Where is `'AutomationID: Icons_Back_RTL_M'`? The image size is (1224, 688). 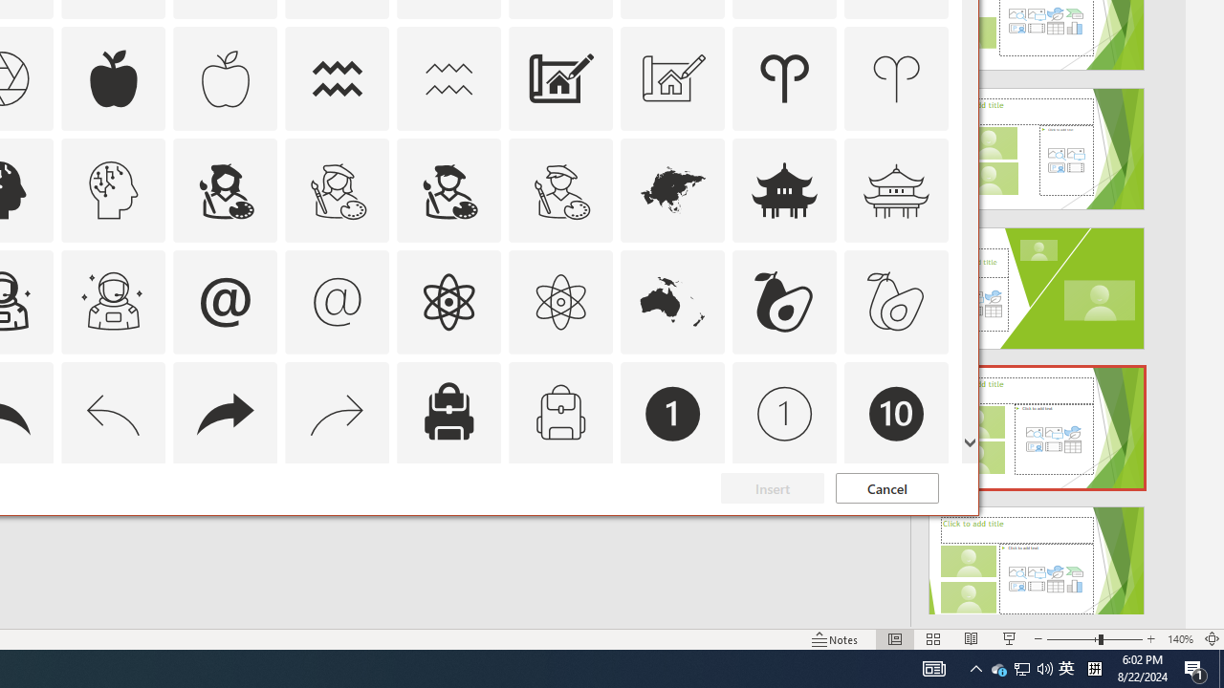
'AutomationID: Icons_Back_RTL_M' is located at coordinates (338, 412).